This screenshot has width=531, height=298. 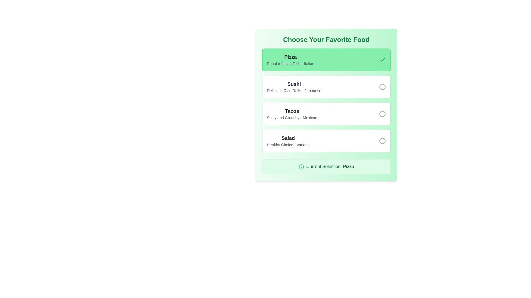 What do you see at coordinates (301, 166) in the screenshot?
I see `the circular icon with a green outline and a smaller green-filled circle at its center, located next to the text 'Current Selection: Pizza' in the green-highlighted box at the bottom of the interface` at bounding box center [301, 166].